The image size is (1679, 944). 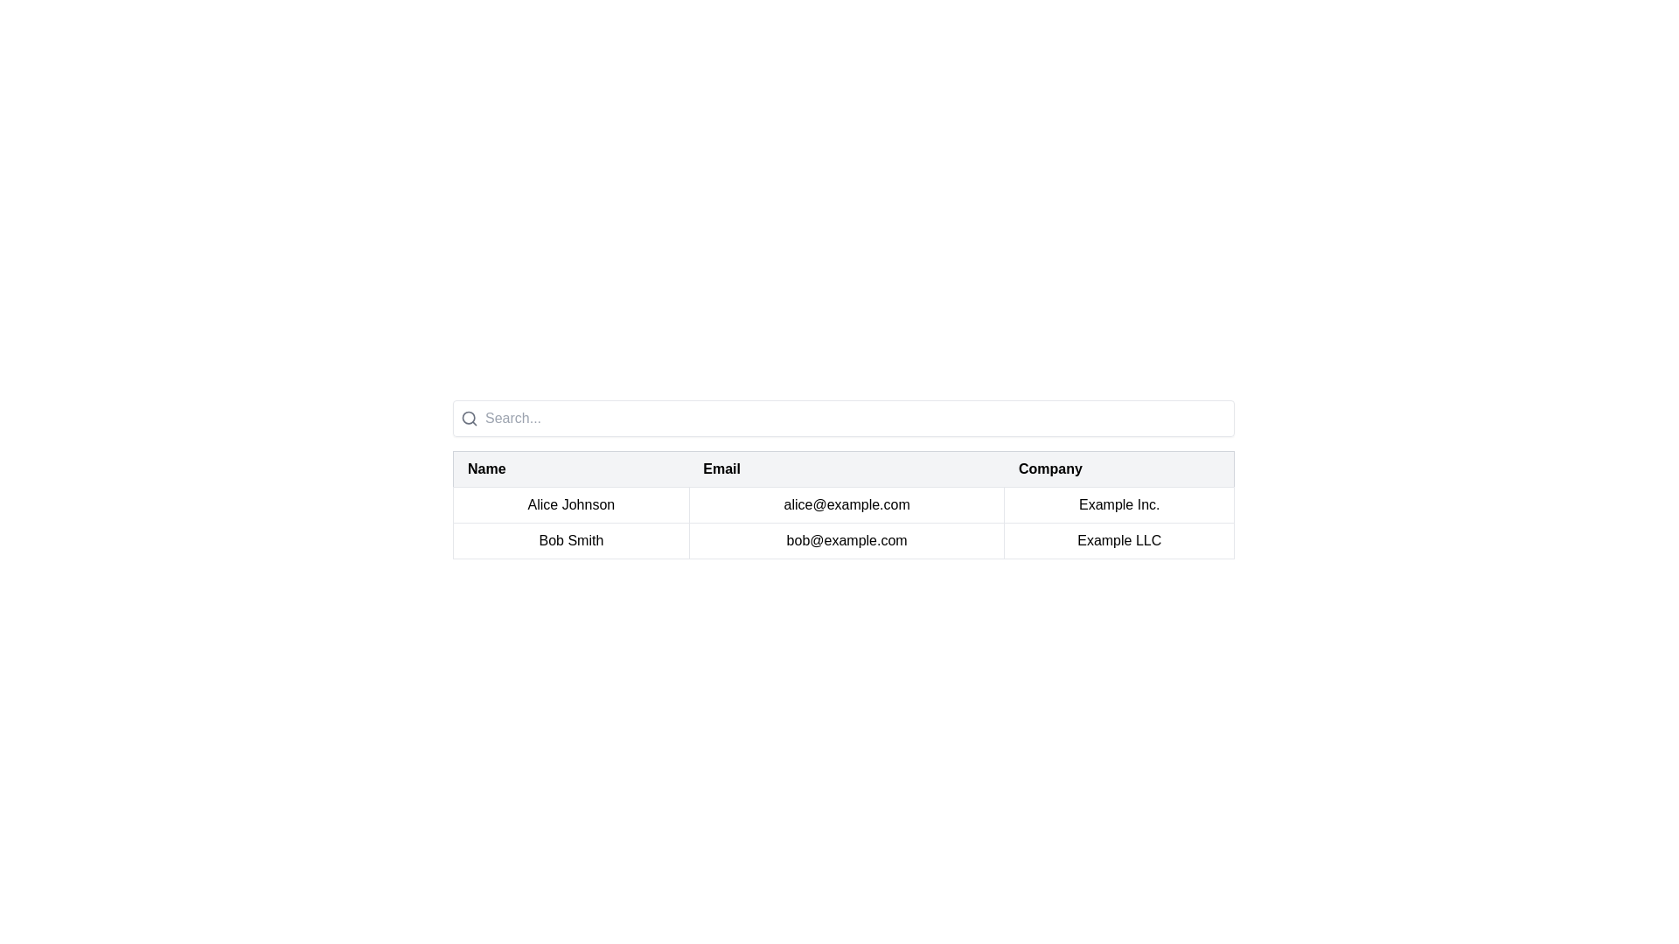 What do you see at coordinates (486, 468) in the screenshot?
I see `the 'Name' column header label in the data table, which is located in the top-left corner of the table, preceding the 'Email' and 'Company' columns` at bounding box center [486, 468].